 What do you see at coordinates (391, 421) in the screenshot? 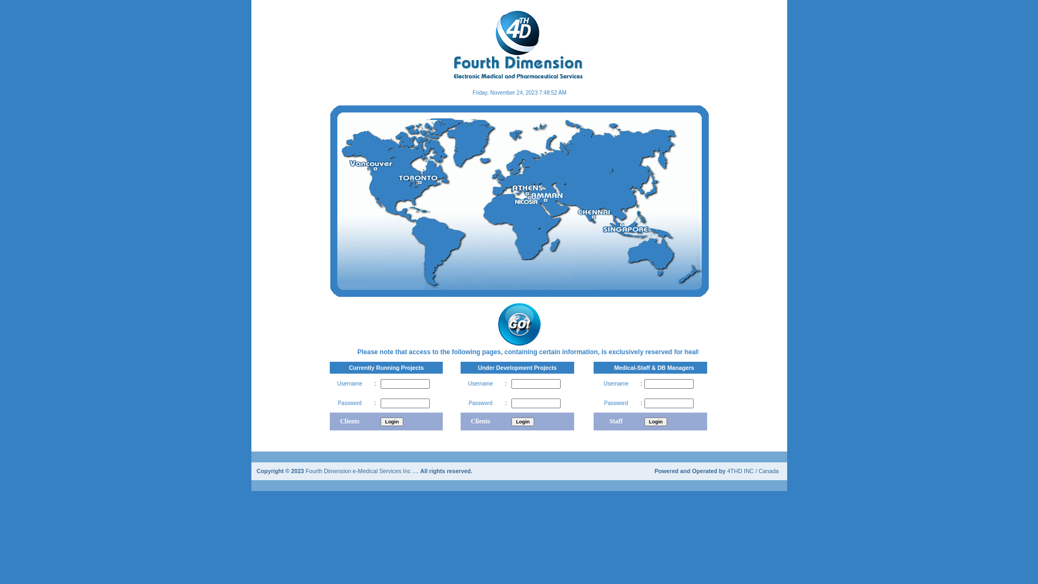
I see `'Login'` at bounding box center [391, 421].